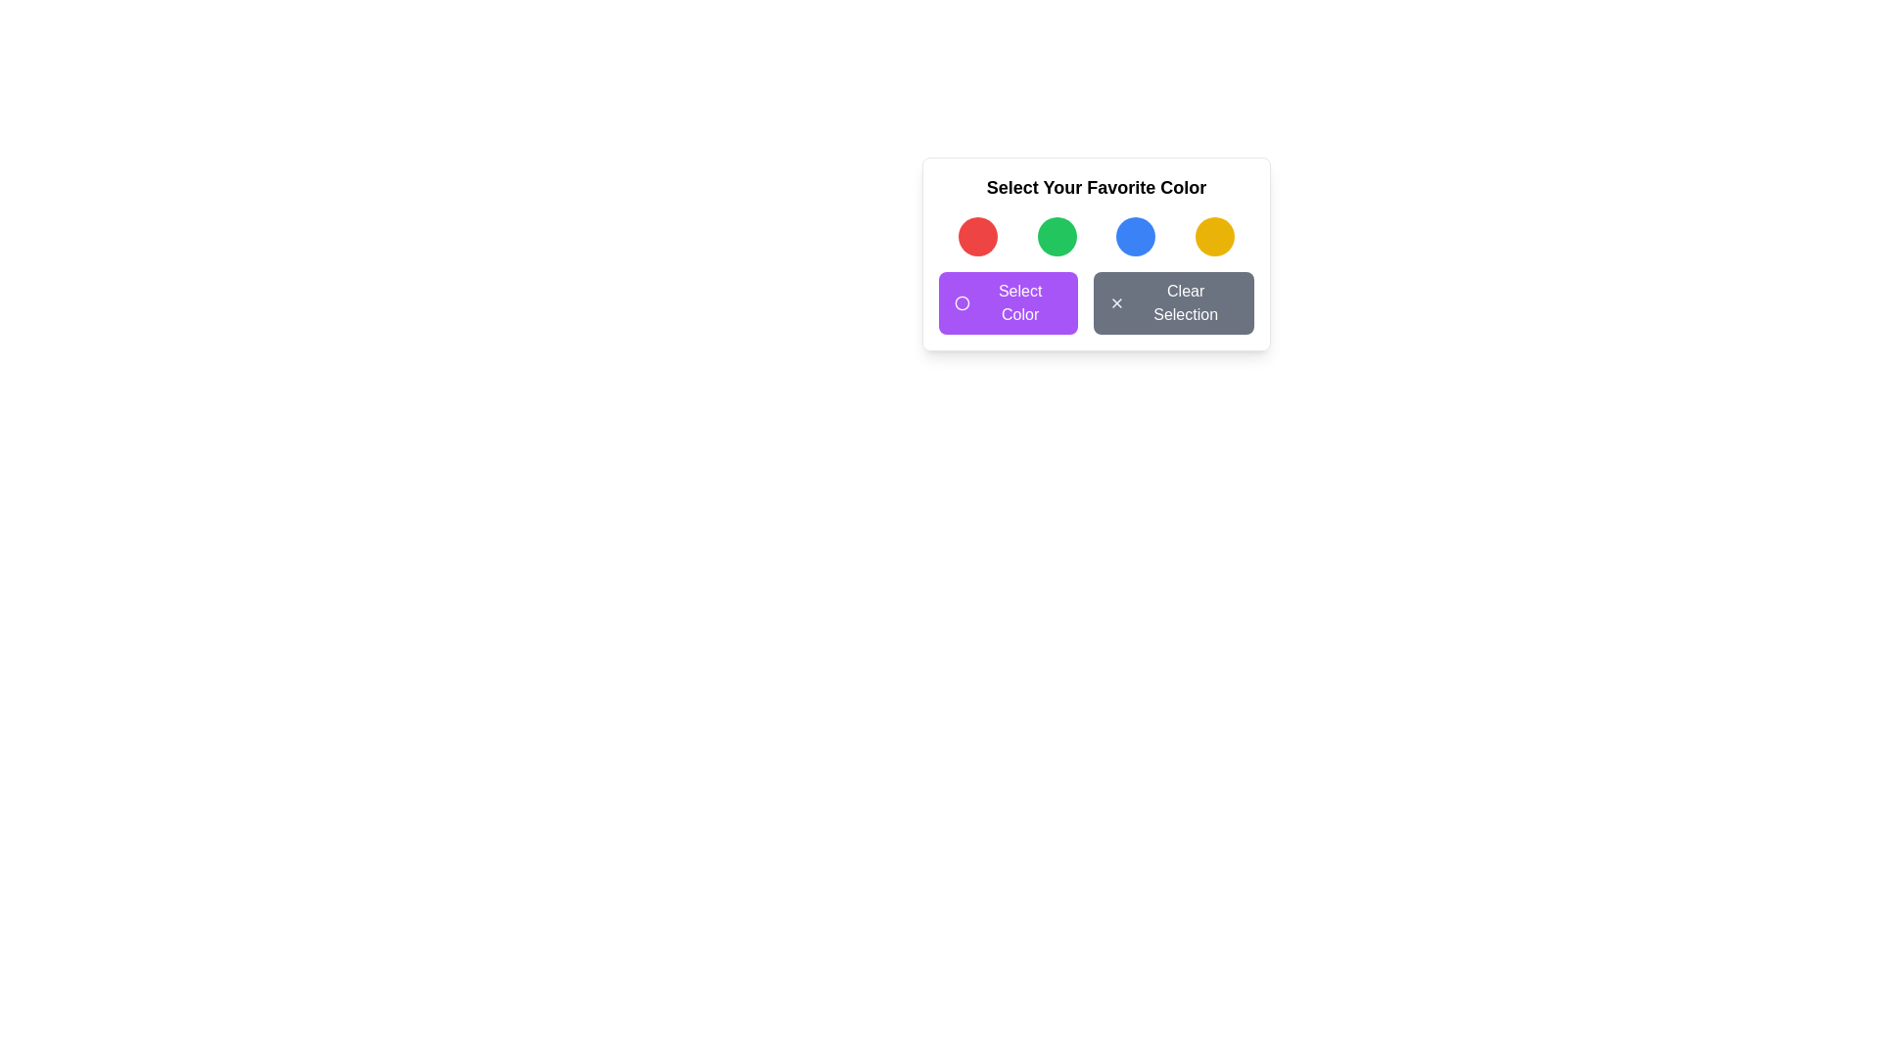 Image resolution: width=1880 pixels, height=1057 pixels. Describe the element at coordinates (1117, 302) in the screenshot. I see `the 'X' icon within the 'Clear Selection' button` at that location.